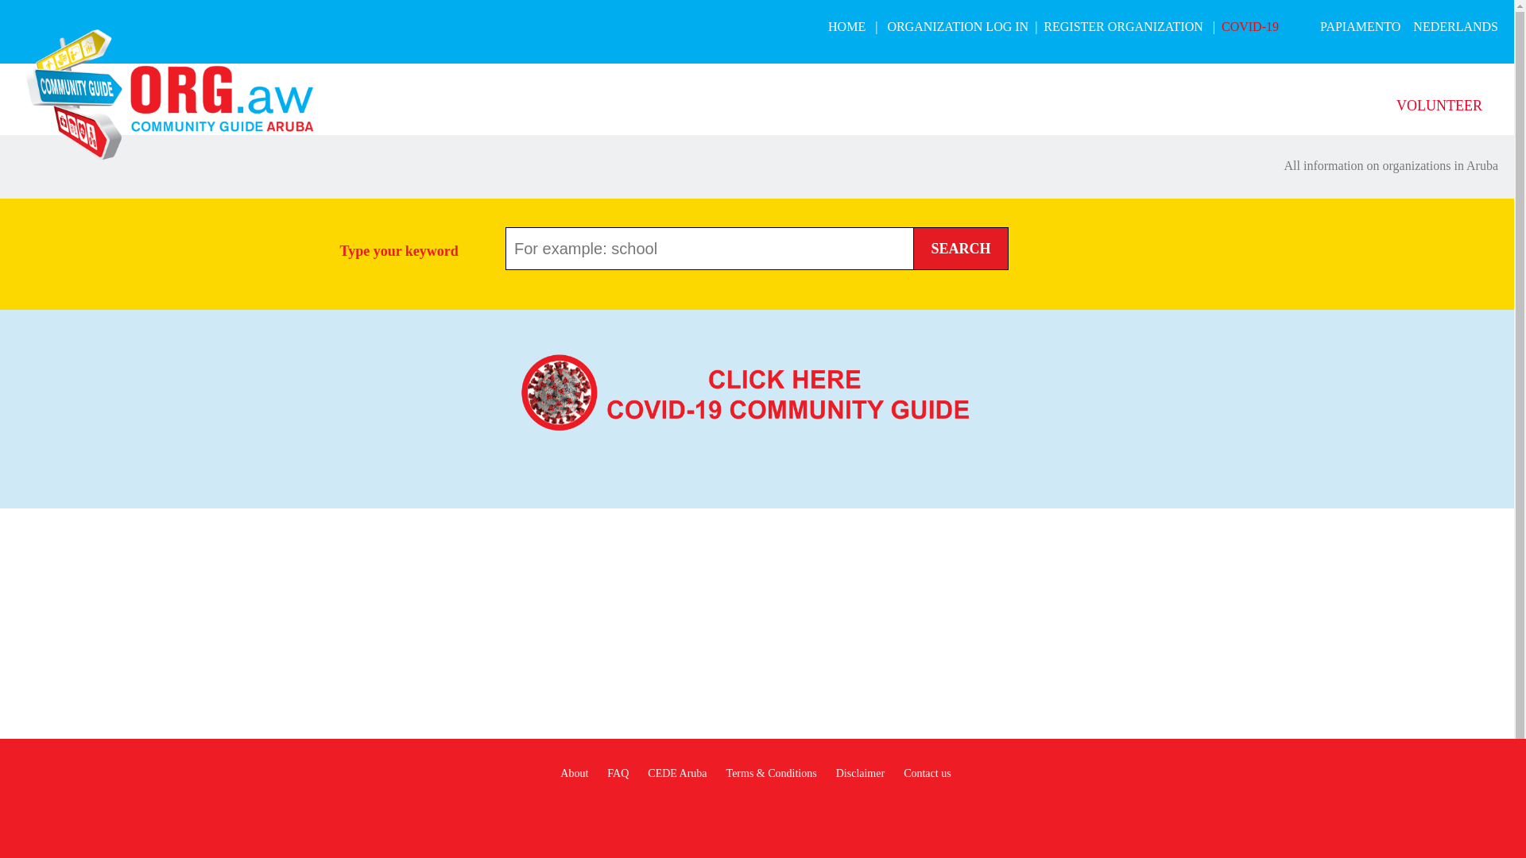  What do you see at coordinates (960, 248) in the screenshot?
I see `'SEARCH'` at bounding box center [960, 248].